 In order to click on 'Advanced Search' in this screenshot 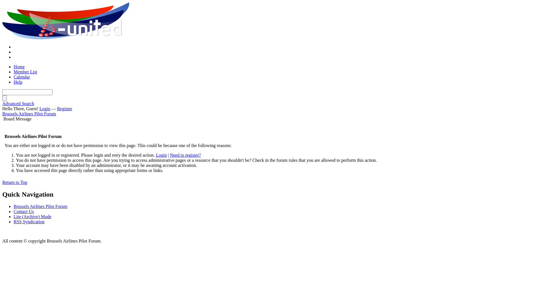, I will do `click(18, 103)`.